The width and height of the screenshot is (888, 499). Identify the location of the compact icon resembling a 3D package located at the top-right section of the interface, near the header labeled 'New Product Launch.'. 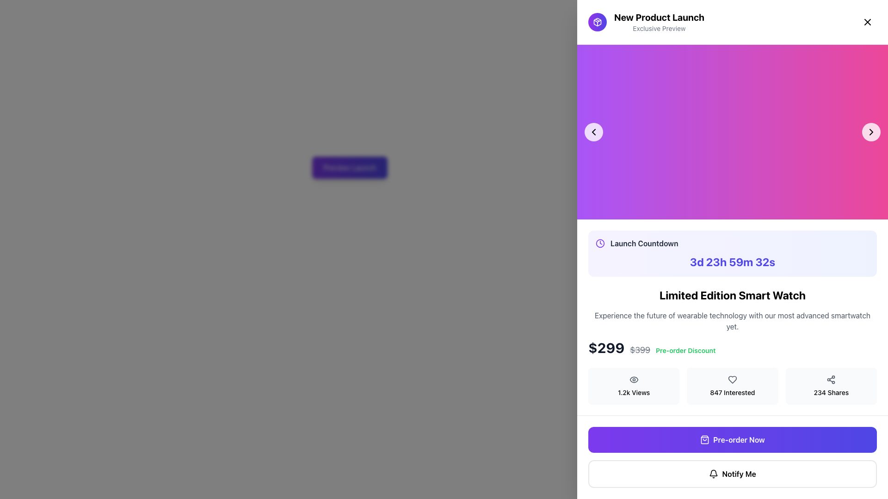
(597, 21).